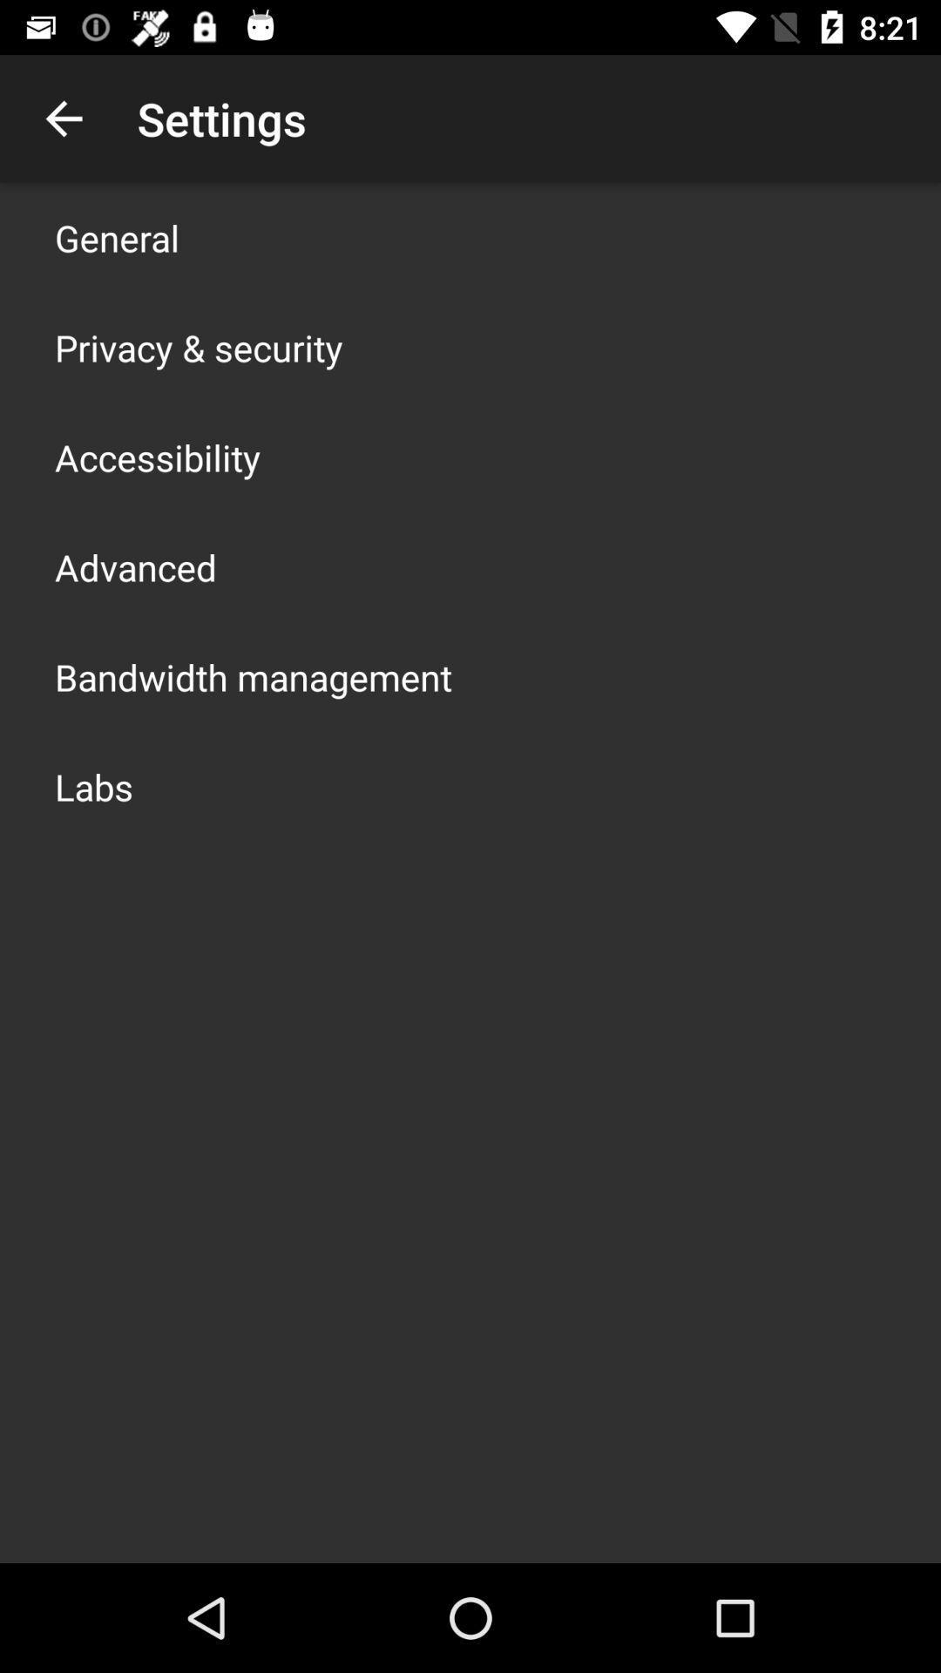 Image resolution: width=941 pixels, height=1673 pixels. Describe the element at coordinates (158, 457) in the screenshot. I see `the accessibility item` at that location.